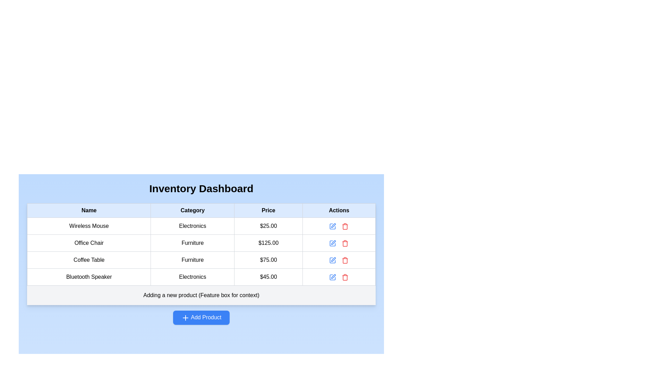 This screenshot has height=374, width=666. What do you see at coordinates (332, 243) in the screenshot?
I see `the edit button located in the 'Actions' column of the second row for the 'Office Chair' item to modify its details` at bounding box center [332, 243].